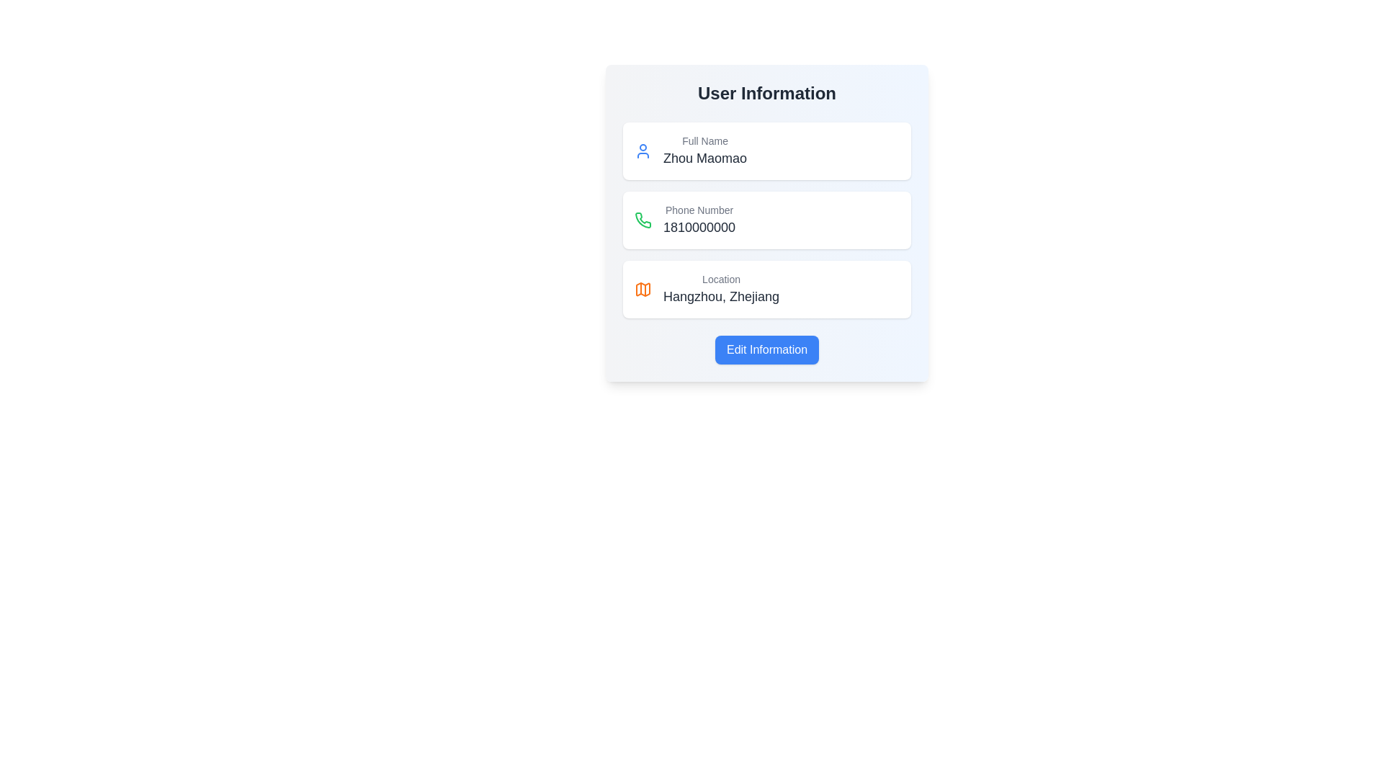 This screenshot has width=1383, height=778. What do you see at coordinates (721, 289) in the screenshot?
I see `the static text element displaying 'Hangzhou, Zhejiang', located in the third card of the user information section, aligned with a map icon on the left` at bounding box center [721, 289].